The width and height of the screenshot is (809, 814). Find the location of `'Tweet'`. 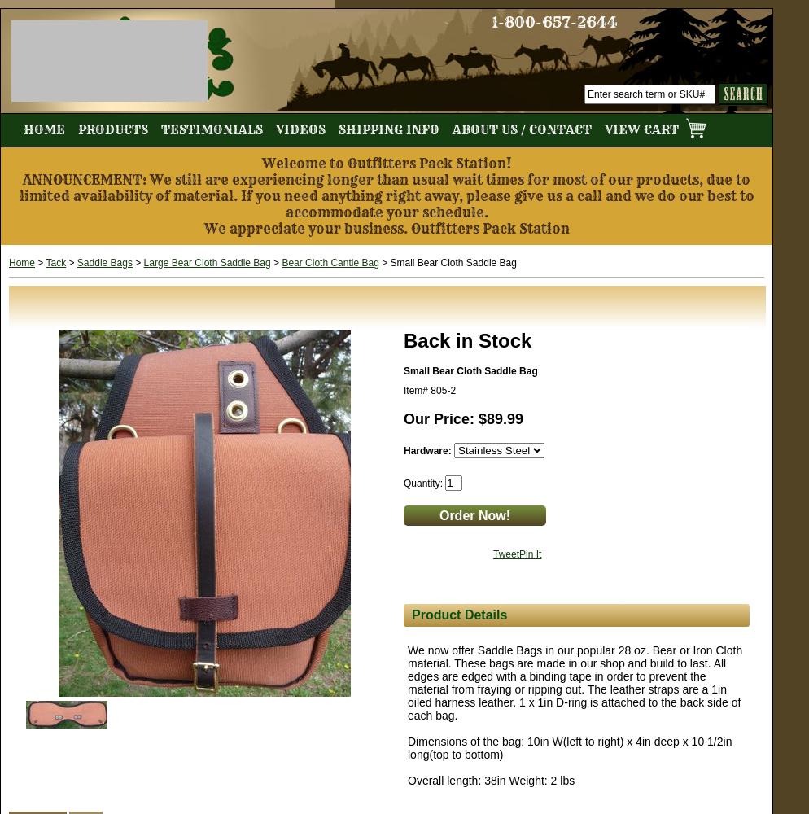

'Tweet' is located at coordinates (492, 554).